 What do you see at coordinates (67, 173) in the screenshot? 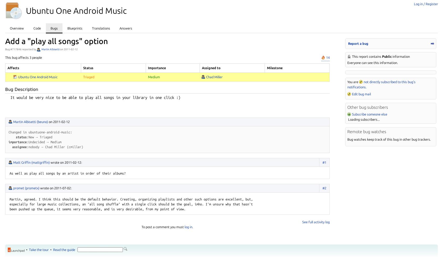
I see `'As well as play all songs by an artist in order of their albums?'` at bounding box center [67, 173].